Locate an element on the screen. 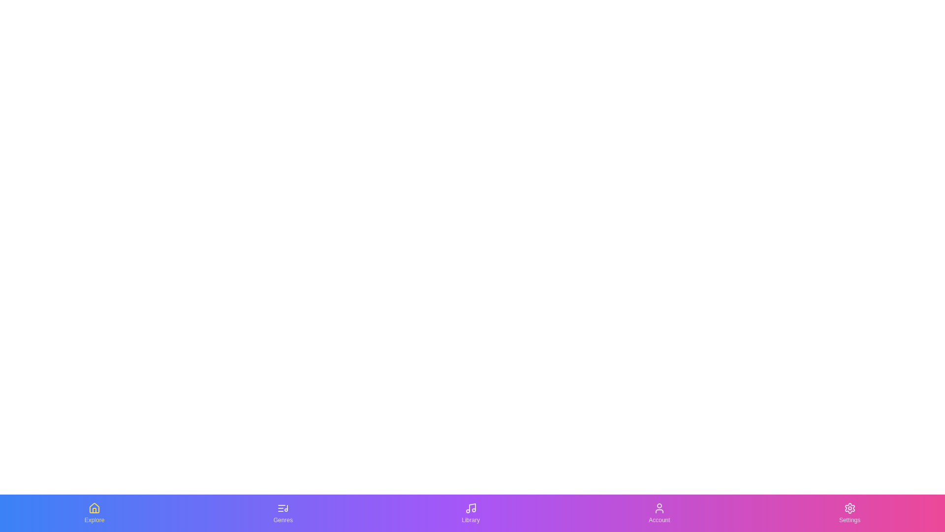 The width and height of the screenshot is (945, 532). the tab labeled Explore is located at coordinates (94, 512).